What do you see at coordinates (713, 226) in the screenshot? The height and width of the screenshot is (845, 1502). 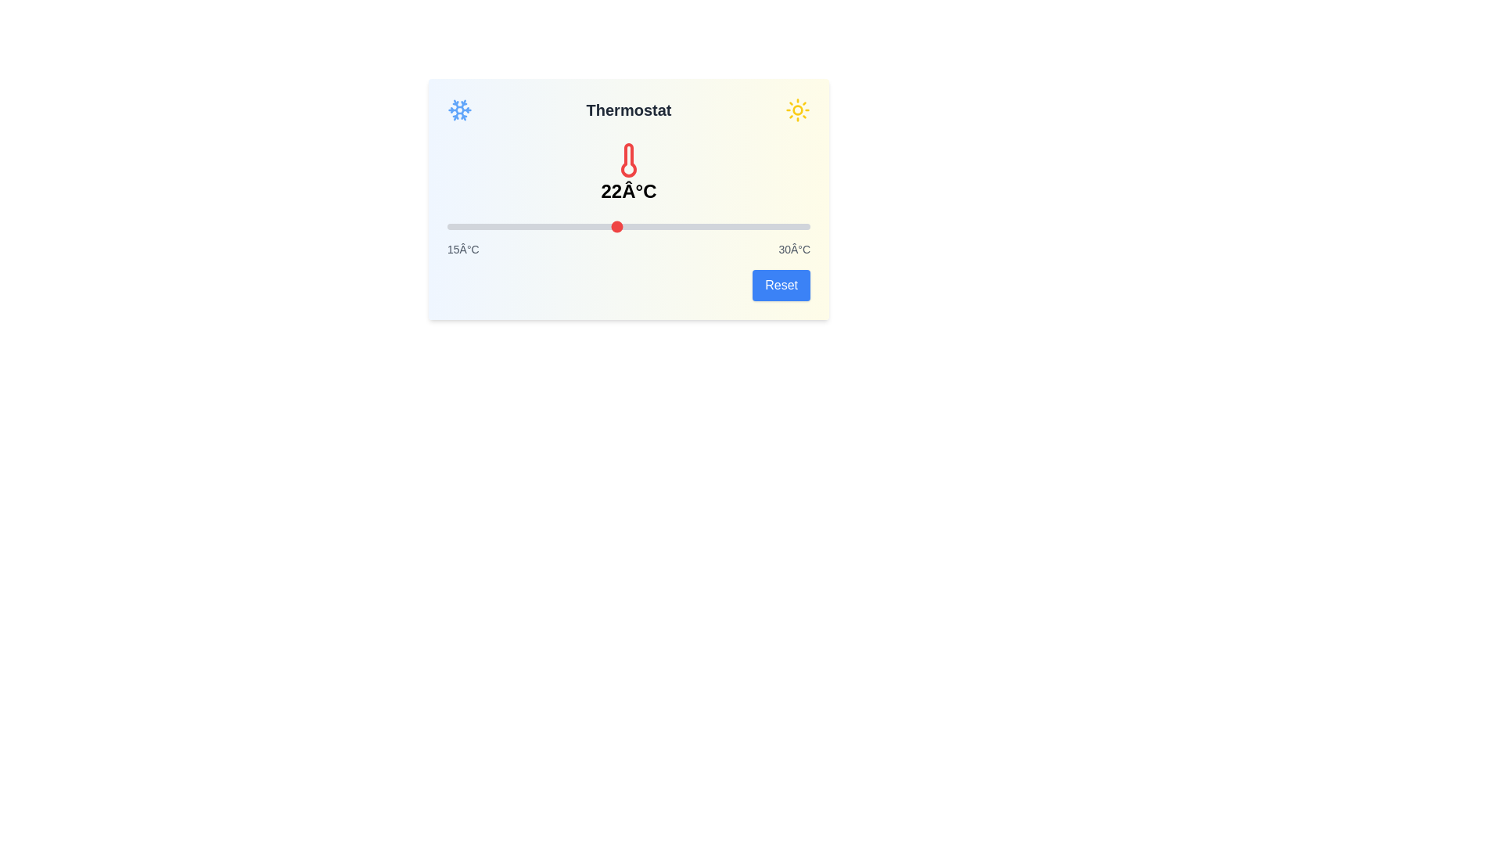 I see `the slider to set the temperature to 26 degrees` at bounding box center [713, 226].